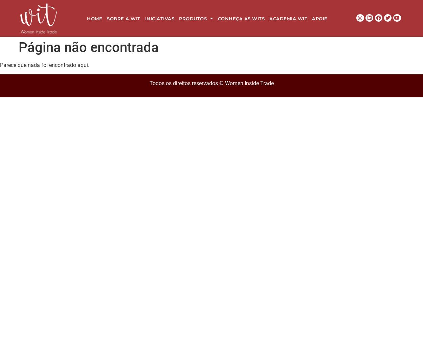 This screenshot has height=338, width=423. What do you see at coordinates (193, 18) in the screenshot?
I see `'Produtos'` at bounding box center [193, 18].